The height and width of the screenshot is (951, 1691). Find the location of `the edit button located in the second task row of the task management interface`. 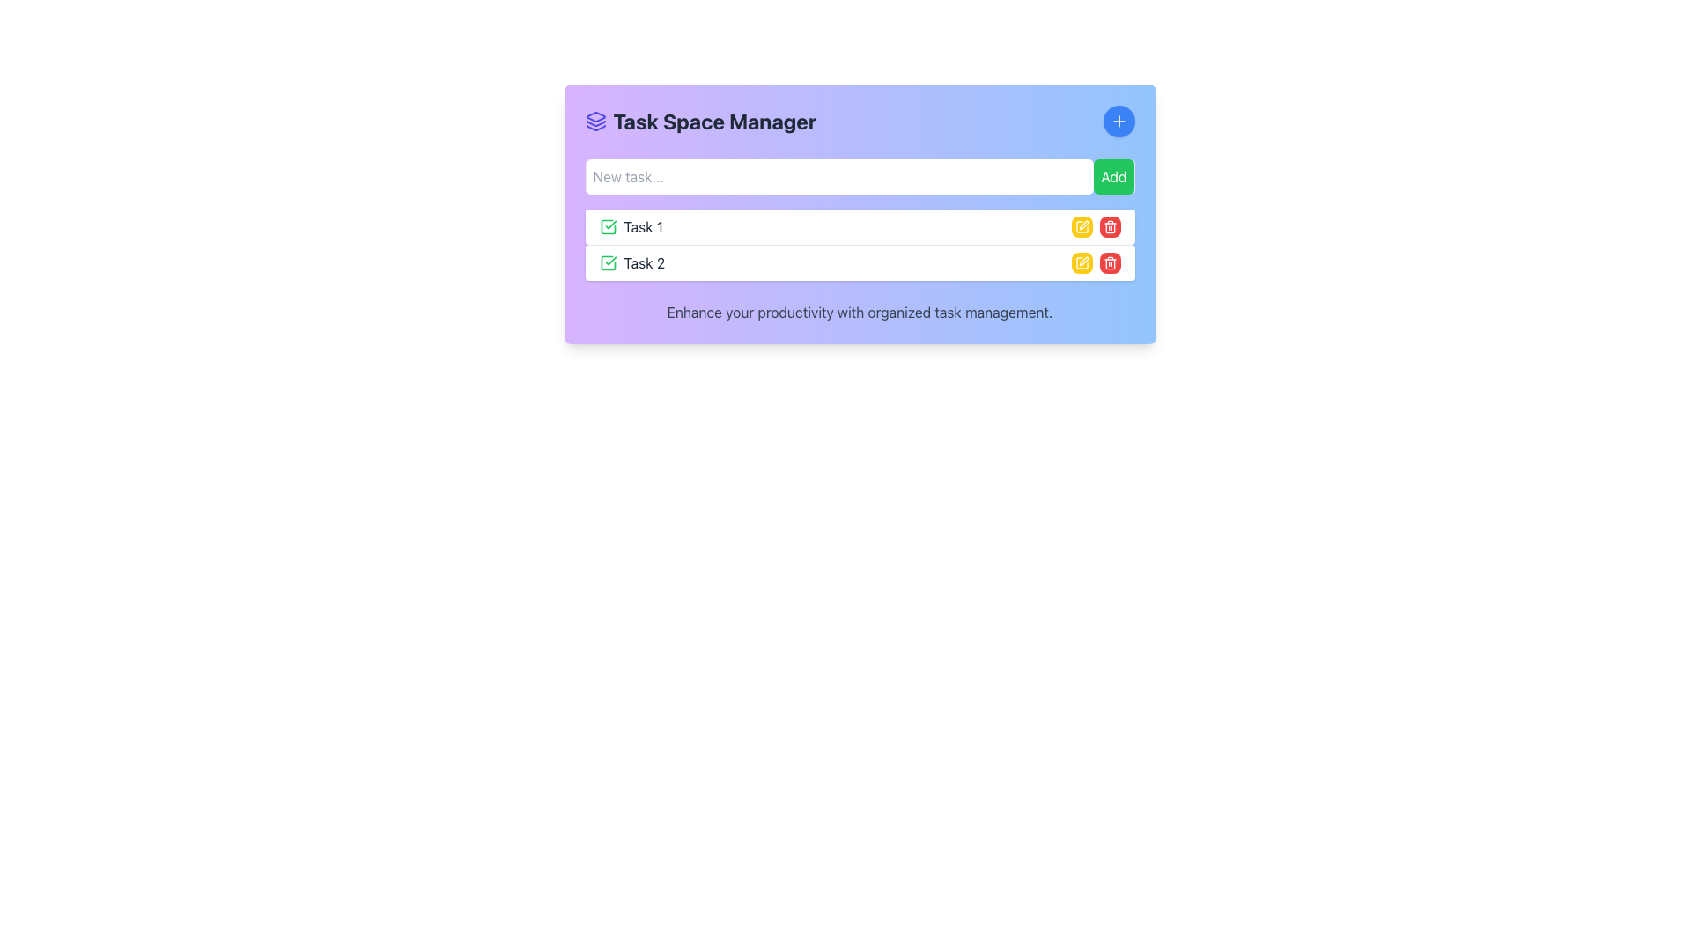

the edit button located in the second task row of the task management interface is located at coordinates (1081, 226).